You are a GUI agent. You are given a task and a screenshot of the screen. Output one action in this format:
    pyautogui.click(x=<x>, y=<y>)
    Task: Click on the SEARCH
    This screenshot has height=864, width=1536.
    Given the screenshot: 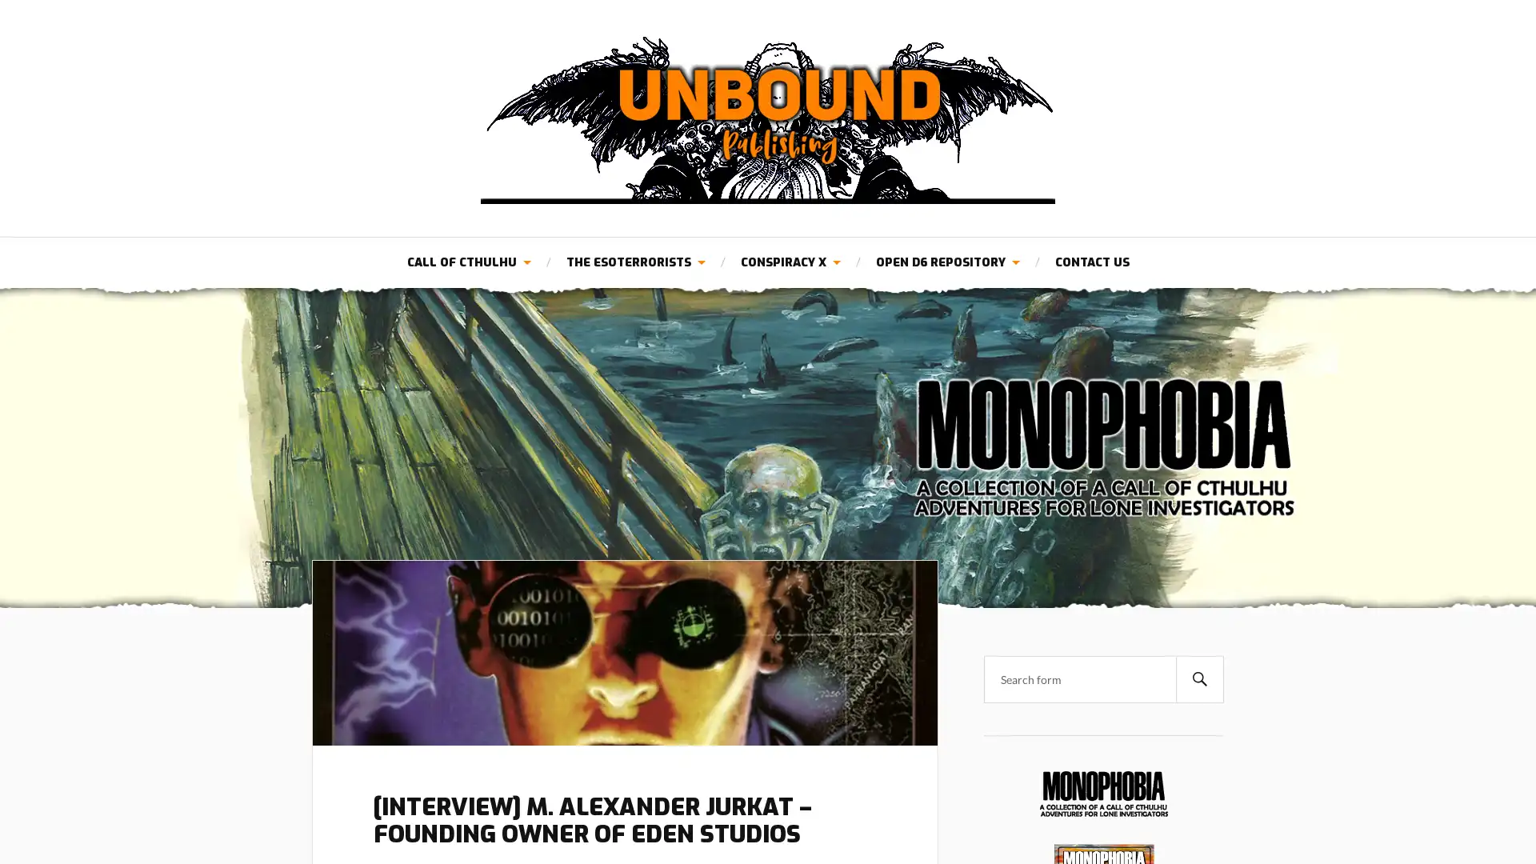 What is the action you would take?
    pyautogui.click(x=1199, y=678)
    